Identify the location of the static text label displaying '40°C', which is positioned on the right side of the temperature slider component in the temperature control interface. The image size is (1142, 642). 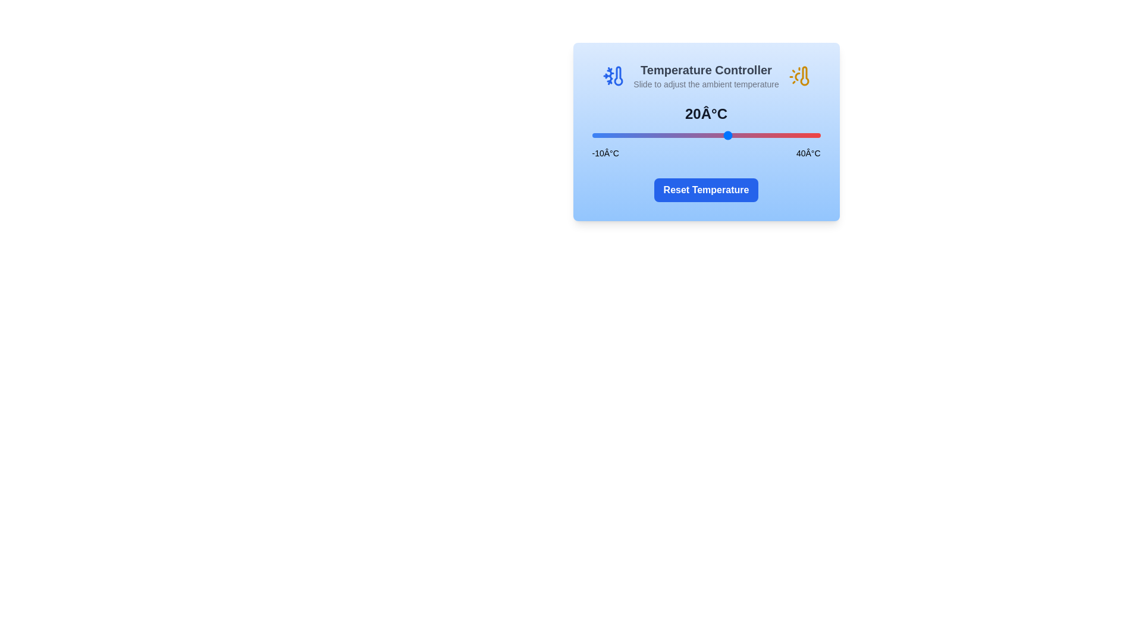
(808, 153).